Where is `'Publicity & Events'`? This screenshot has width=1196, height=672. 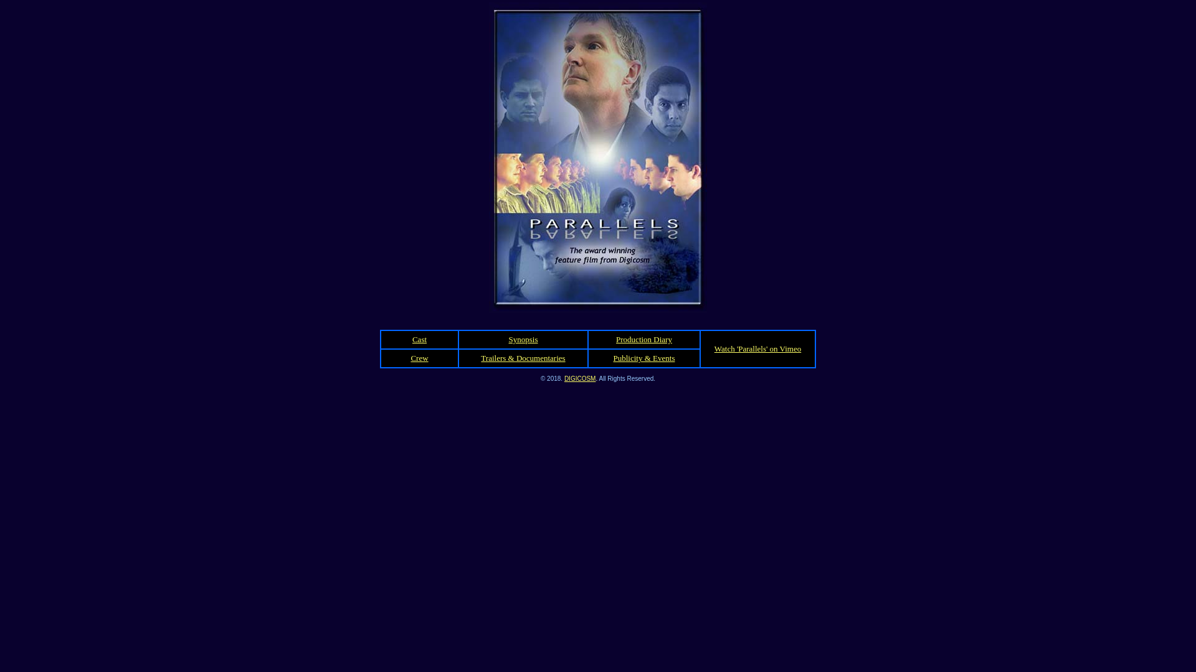 'Publicity & Events' is located at coordinates (644, 358).